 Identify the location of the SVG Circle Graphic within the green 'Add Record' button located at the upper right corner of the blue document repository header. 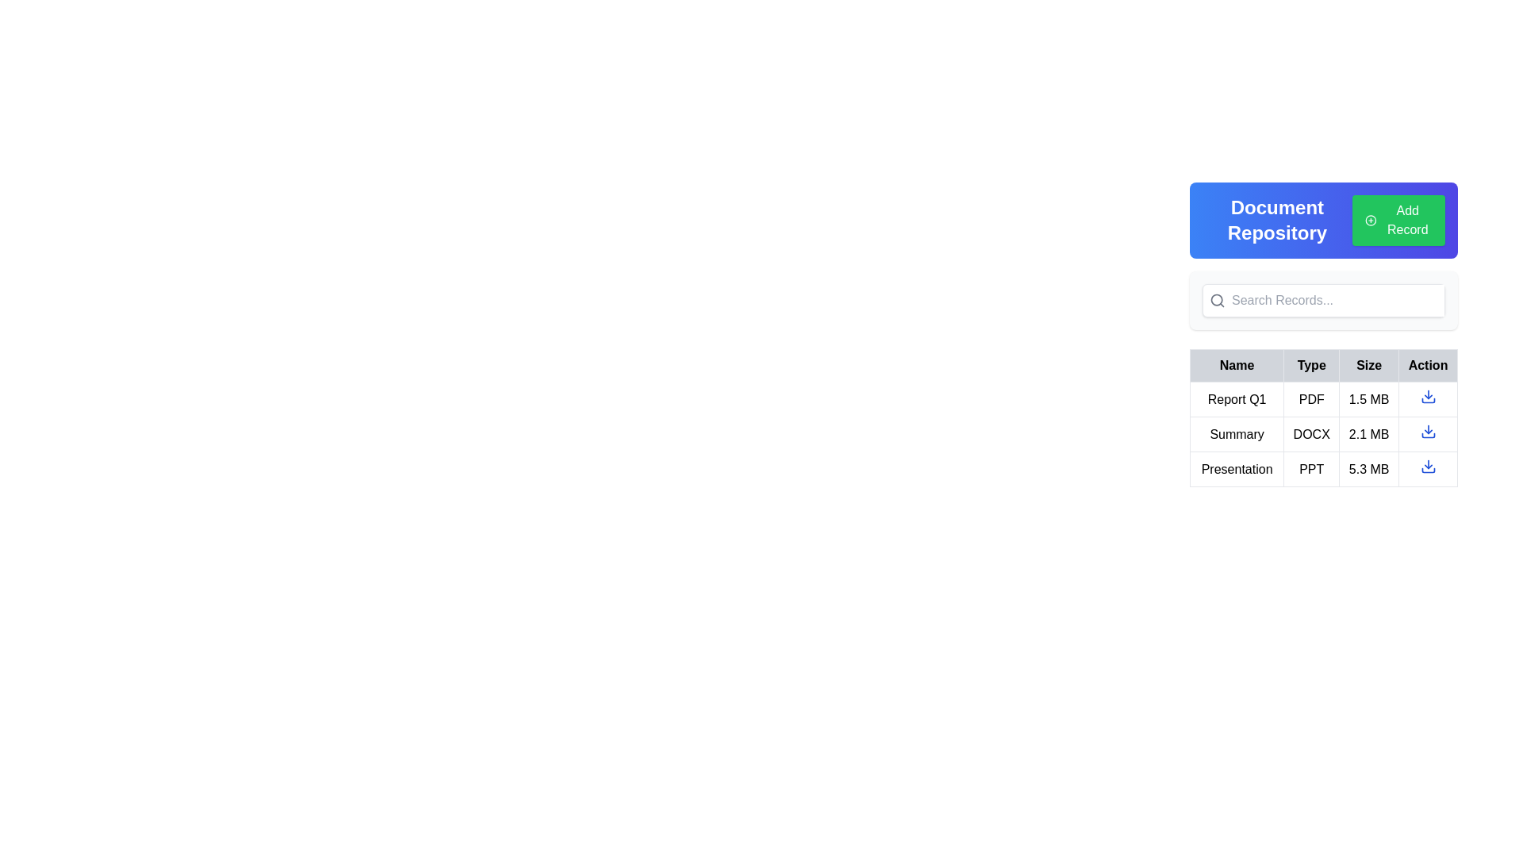
(1370, 220).